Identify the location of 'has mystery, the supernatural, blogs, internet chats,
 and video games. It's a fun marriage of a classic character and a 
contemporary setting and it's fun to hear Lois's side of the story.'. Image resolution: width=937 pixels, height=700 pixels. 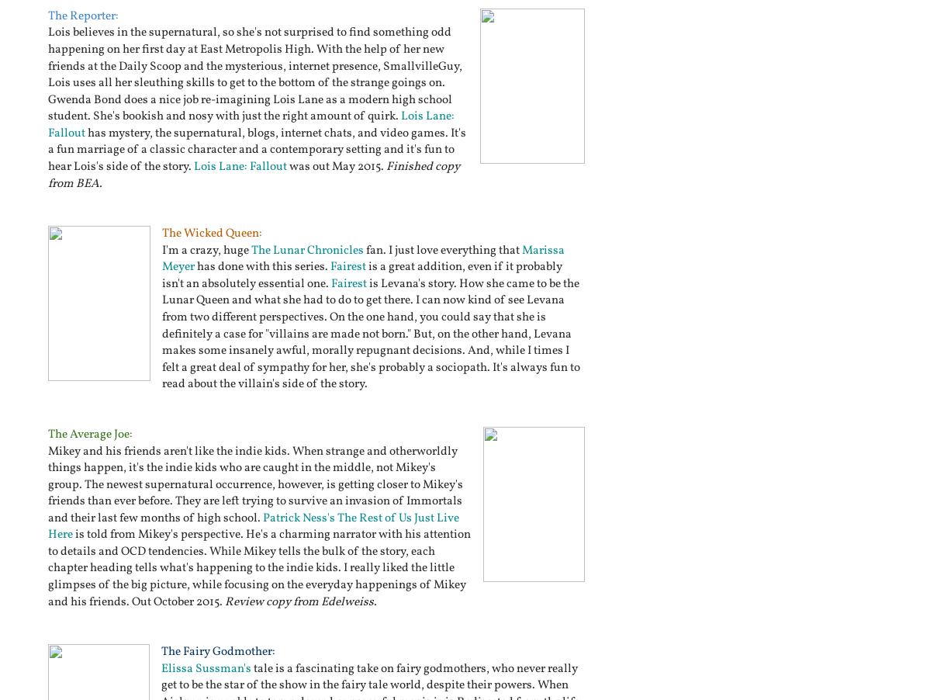
(256, 148).